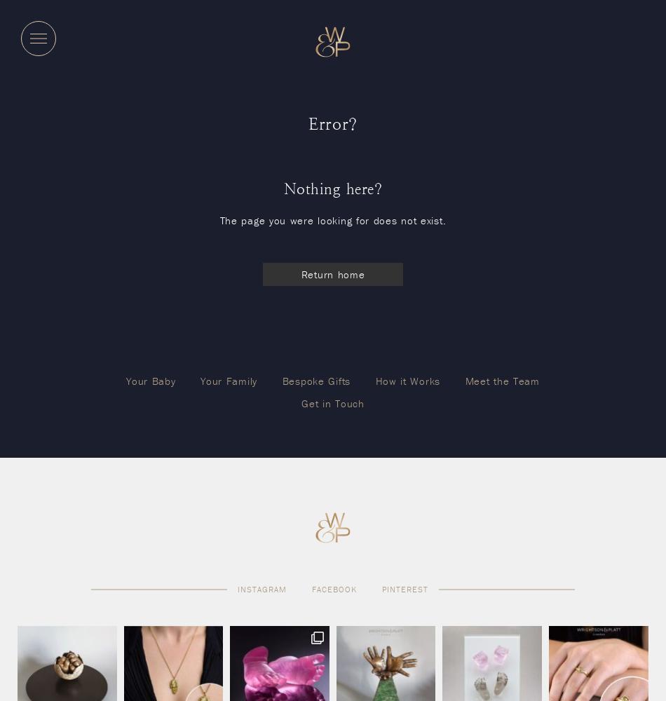 This screenshot has height=701, width=666. I want to click on 'Get in Touch', so click(332, 402).